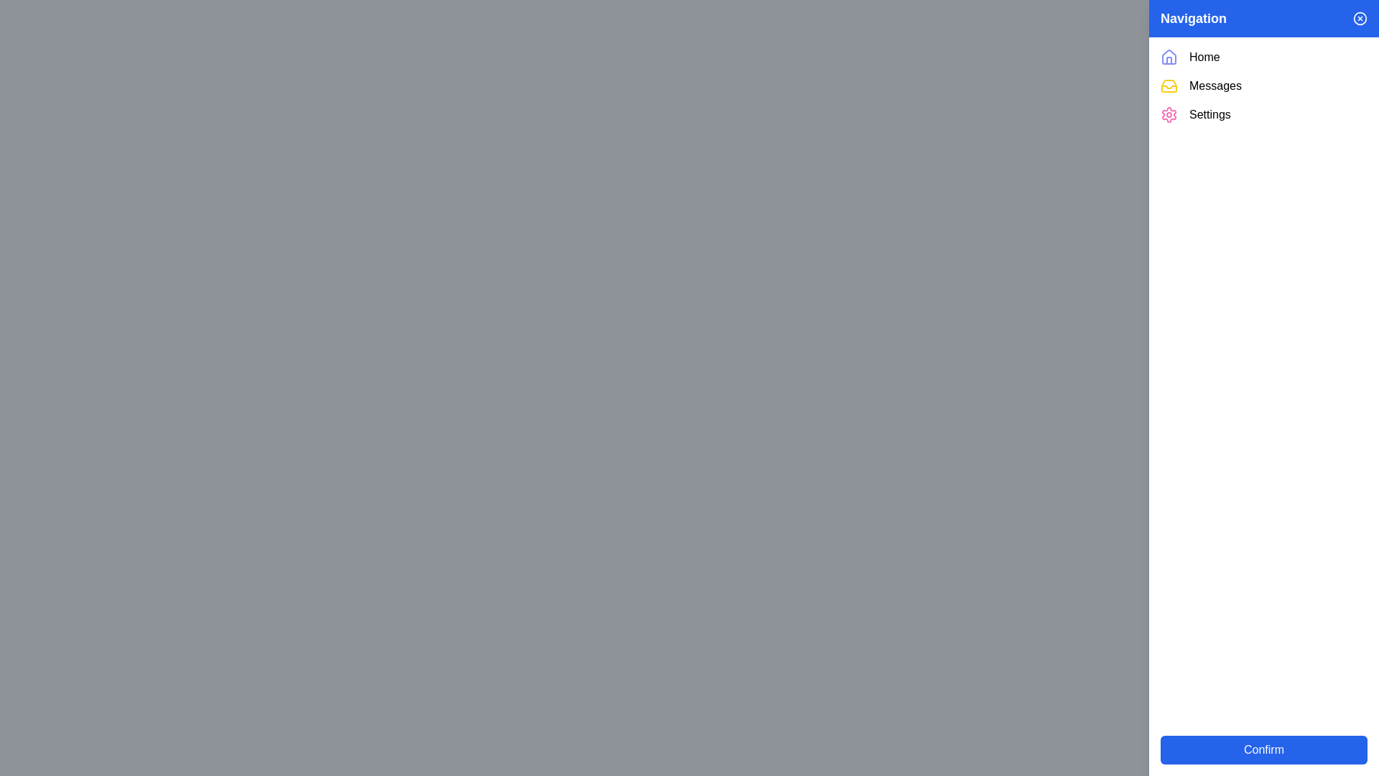  Describe the element at coordinates (1264, 749) in the screenshot. I see `the confirmation button located at the bottom right corner of the interface to observe any appearance change` at that location.